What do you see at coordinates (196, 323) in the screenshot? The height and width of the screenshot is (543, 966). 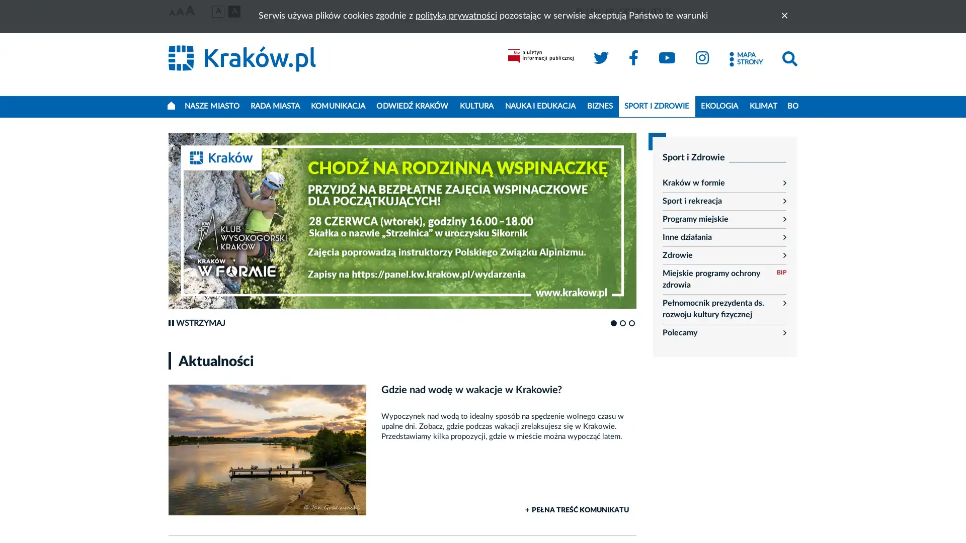 I see `Wstrzymaj` at bounding box center [196, 323].